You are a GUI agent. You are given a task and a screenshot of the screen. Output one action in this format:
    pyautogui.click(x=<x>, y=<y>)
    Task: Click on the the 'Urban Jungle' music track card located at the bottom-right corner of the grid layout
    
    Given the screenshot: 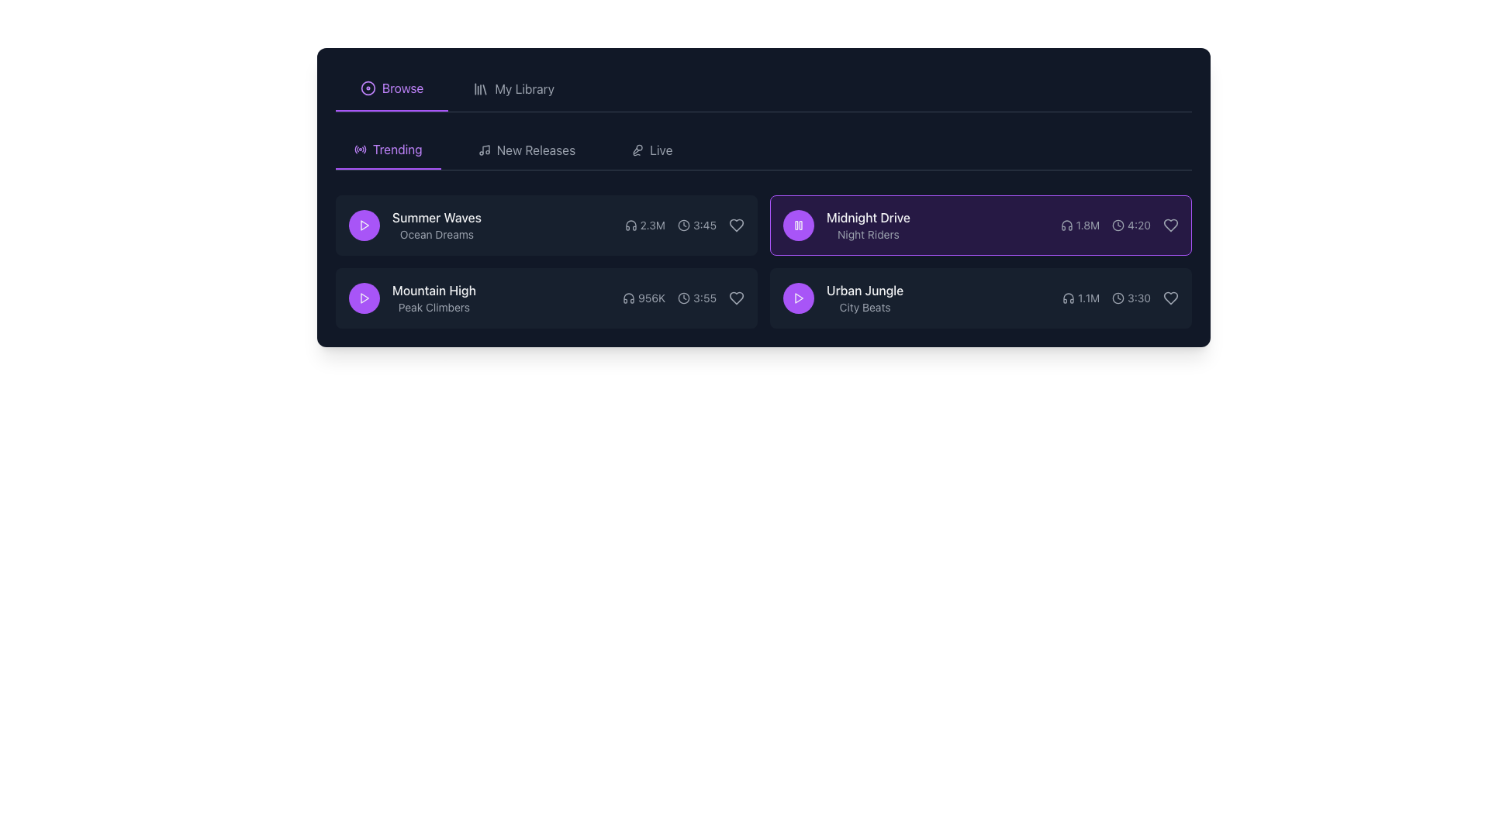 What is the action you would take?
    pyautogui.click(x=980, y=298)
    